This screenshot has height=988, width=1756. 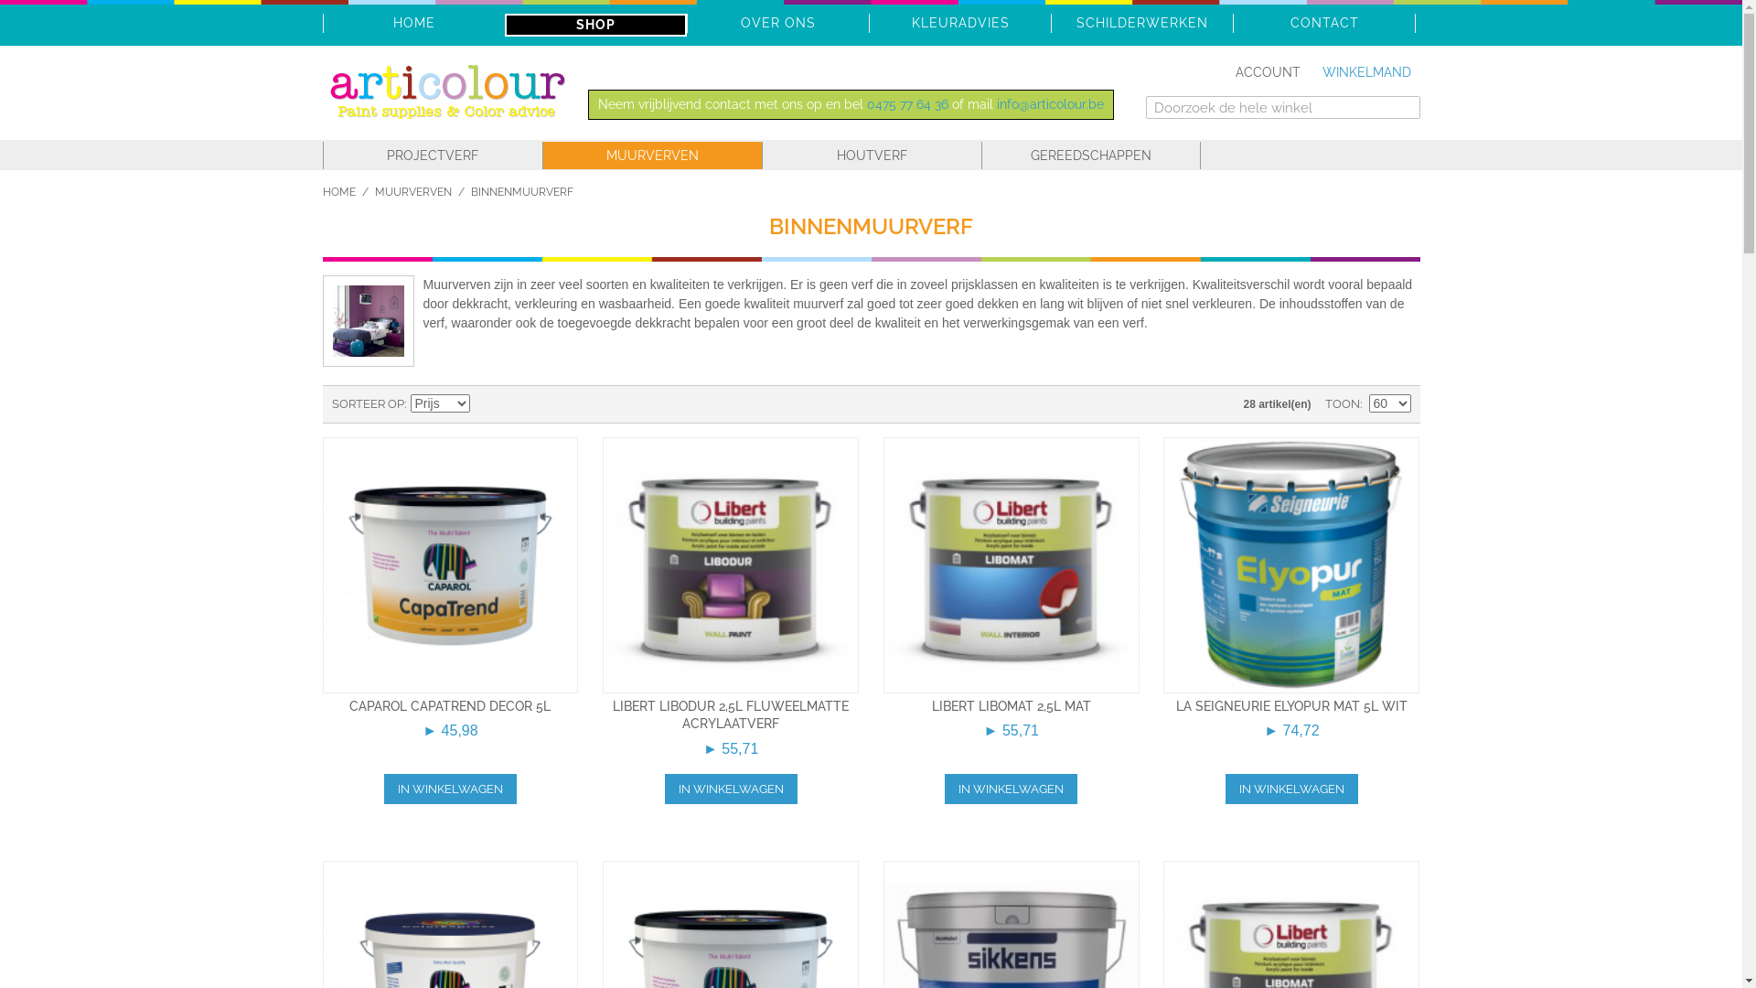 What do you see at coordinates (1366, 72) in the screenshot?
I see `'WINKELMAND'` at bounding box center [1366, 72].